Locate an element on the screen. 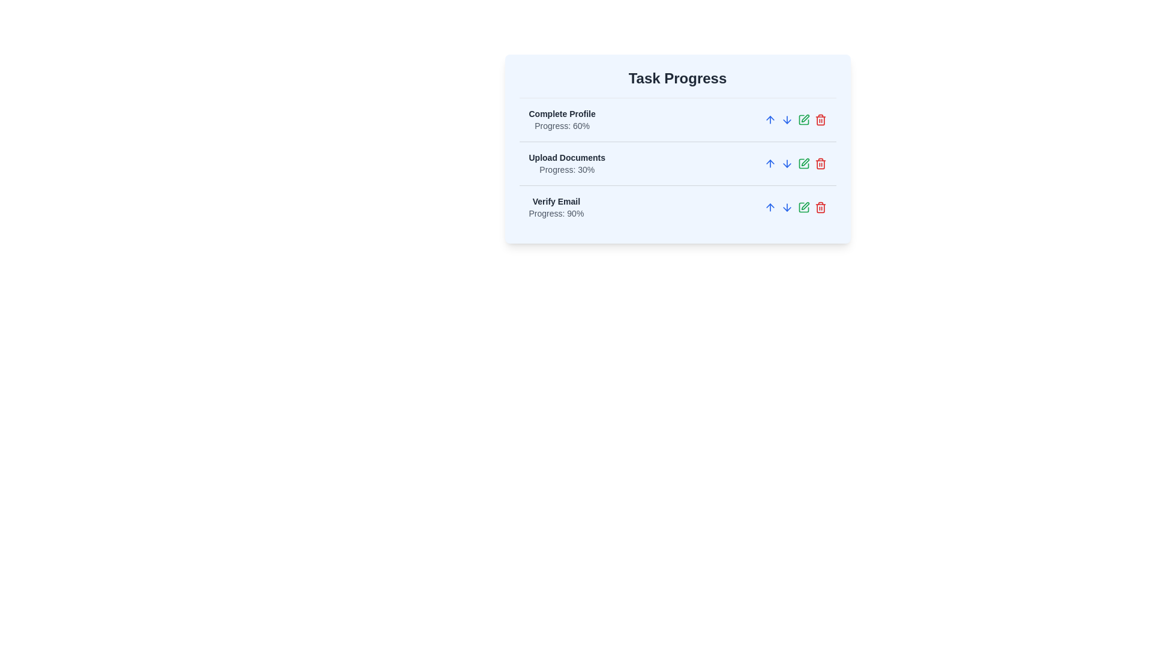  the Text label displaying the upload progress for 'Upload Documents', which indicates 30% completion is located at coordinates (566, 169).